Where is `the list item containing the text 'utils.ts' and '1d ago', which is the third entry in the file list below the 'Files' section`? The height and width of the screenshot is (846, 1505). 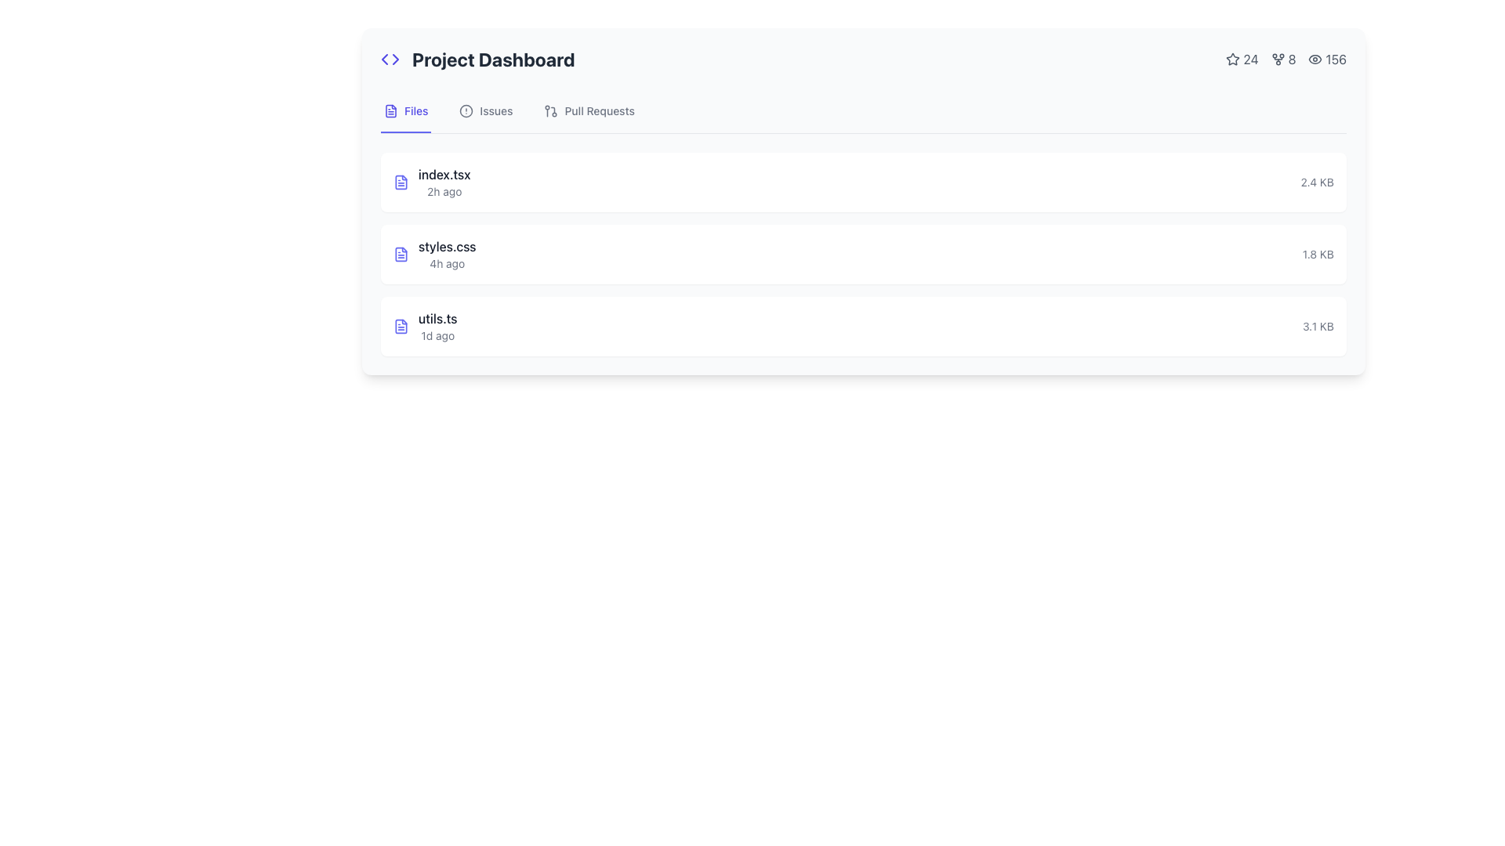 the list item containing the text 'utils.ts' and '1d ago', which is the third entry in the file list below the 'Files' section is located at coordinates (425, 325).